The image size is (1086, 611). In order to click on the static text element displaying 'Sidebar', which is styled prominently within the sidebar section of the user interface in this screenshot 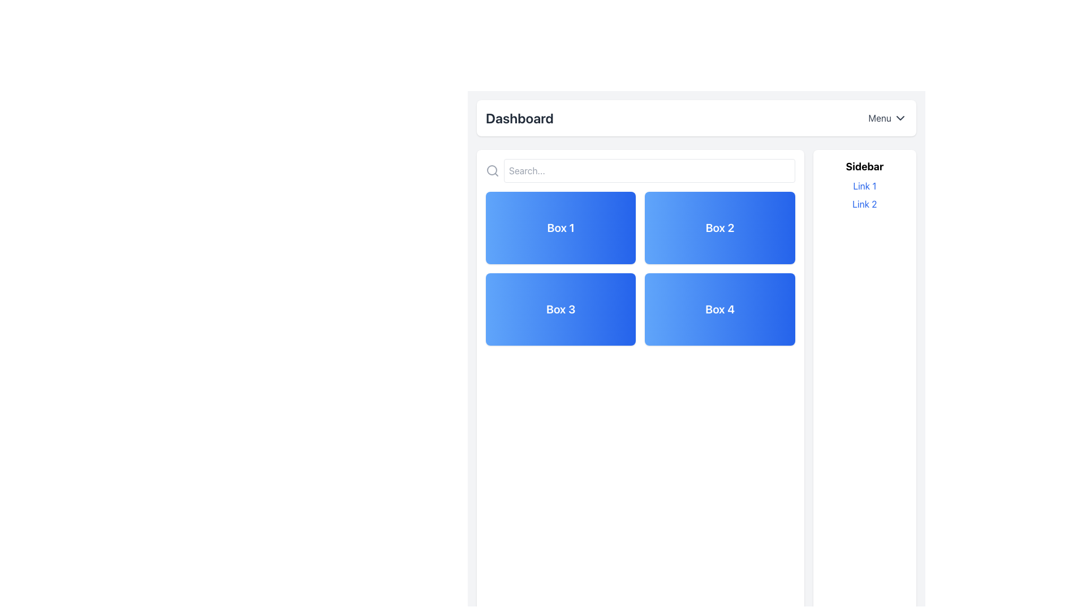, I will do `click(864, 166)`.